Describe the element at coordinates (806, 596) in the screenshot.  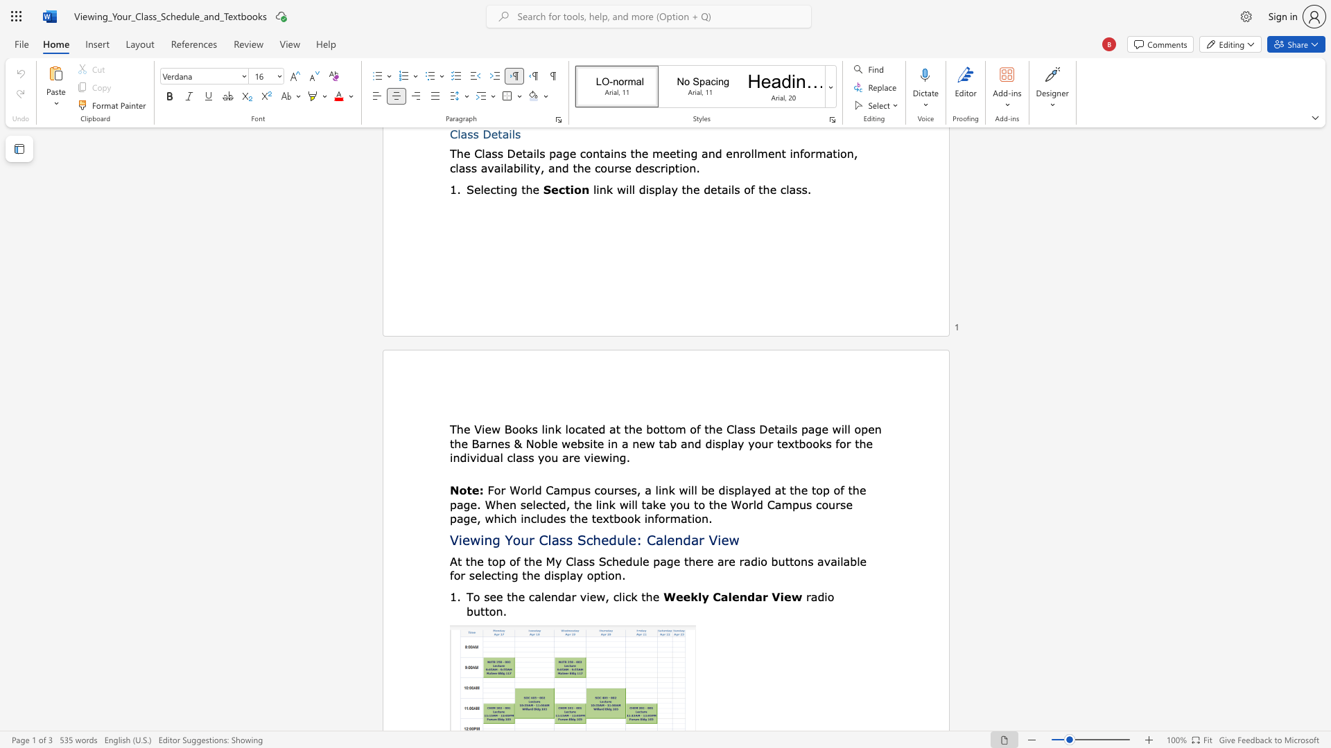
I see `the subset text "rad" within the text "radio button."` at that location.